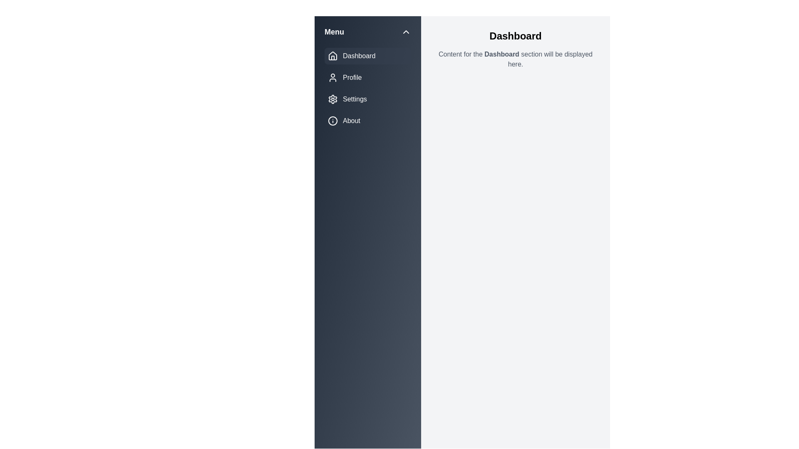 Image resolution: width=799 pixels, height=449 pixels. What do you see at coordinates (333, 99) in the screenshot?
I see `the circular gear-like icon representing settings, located in the main navigation sidebar next to the 'Settings' label` at bounding box center [333, 99].